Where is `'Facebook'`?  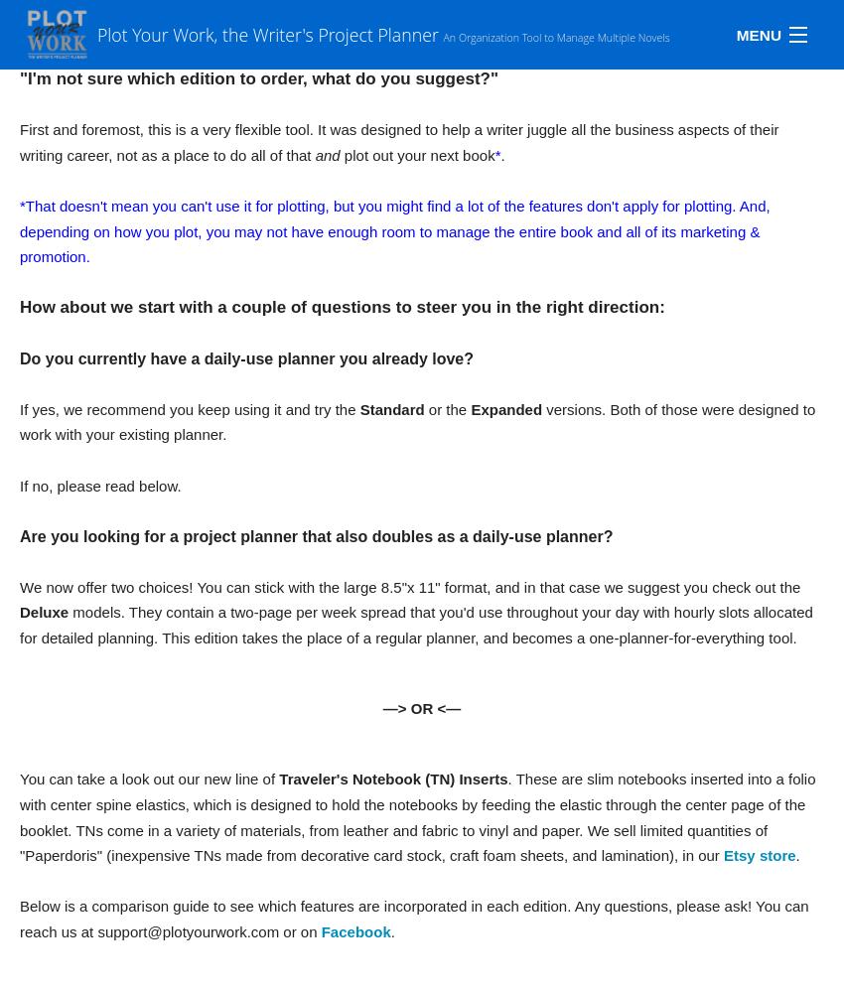 'Facebook' is located at coordinates (354, 931).